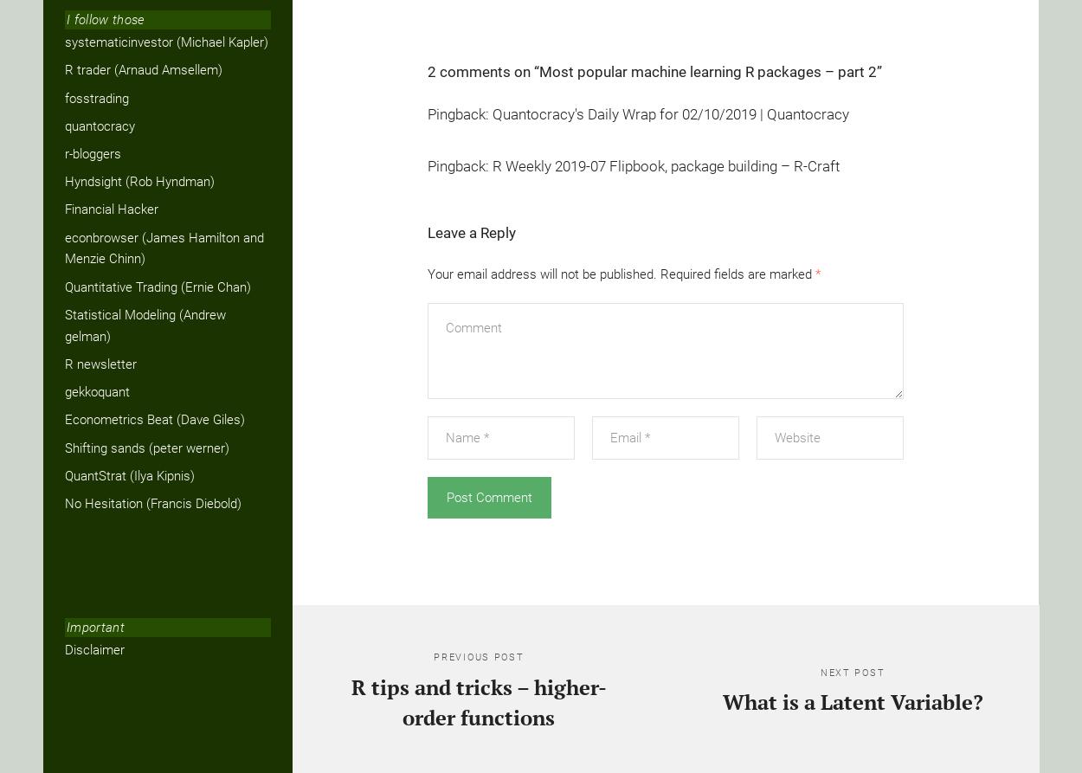 This screenshot has height=773, width=1082. Describe the element at coordinates (665, 164) in the screenshot. I see `'R Weekly 2019-07 Flipbook, package building – R-Craft'` at that location.